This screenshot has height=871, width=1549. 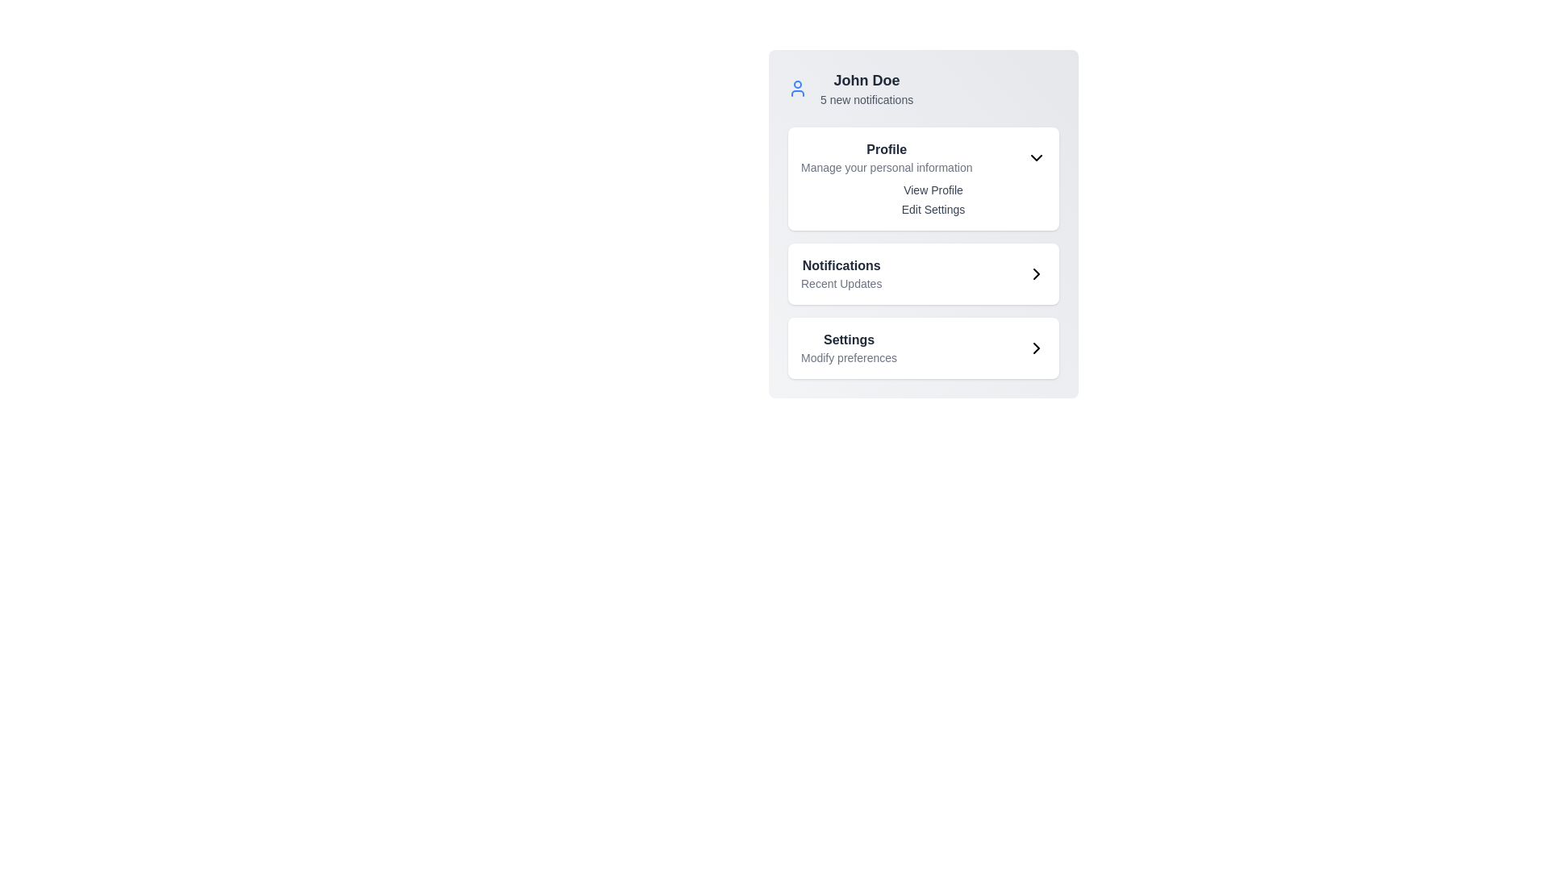 I want to click on the static text label displaying the name 'John Doe' in bold, large, black font, located at the top of the user profile card, so click(x=866, y=81).